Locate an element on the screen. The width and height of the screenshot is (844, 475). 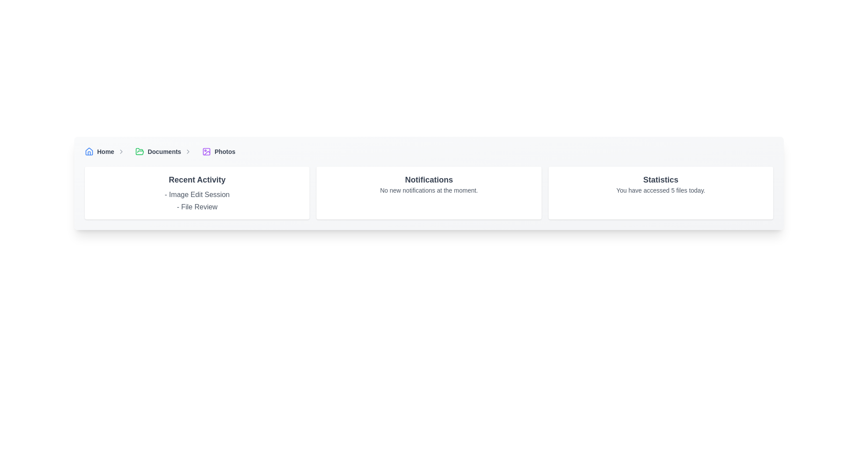
the 'Documents' label in the breadcrumb navigation bar, which is the second breadcrumb item following a green folder icon and preceding the 'Photos' item is located at coordinates (164, 151).